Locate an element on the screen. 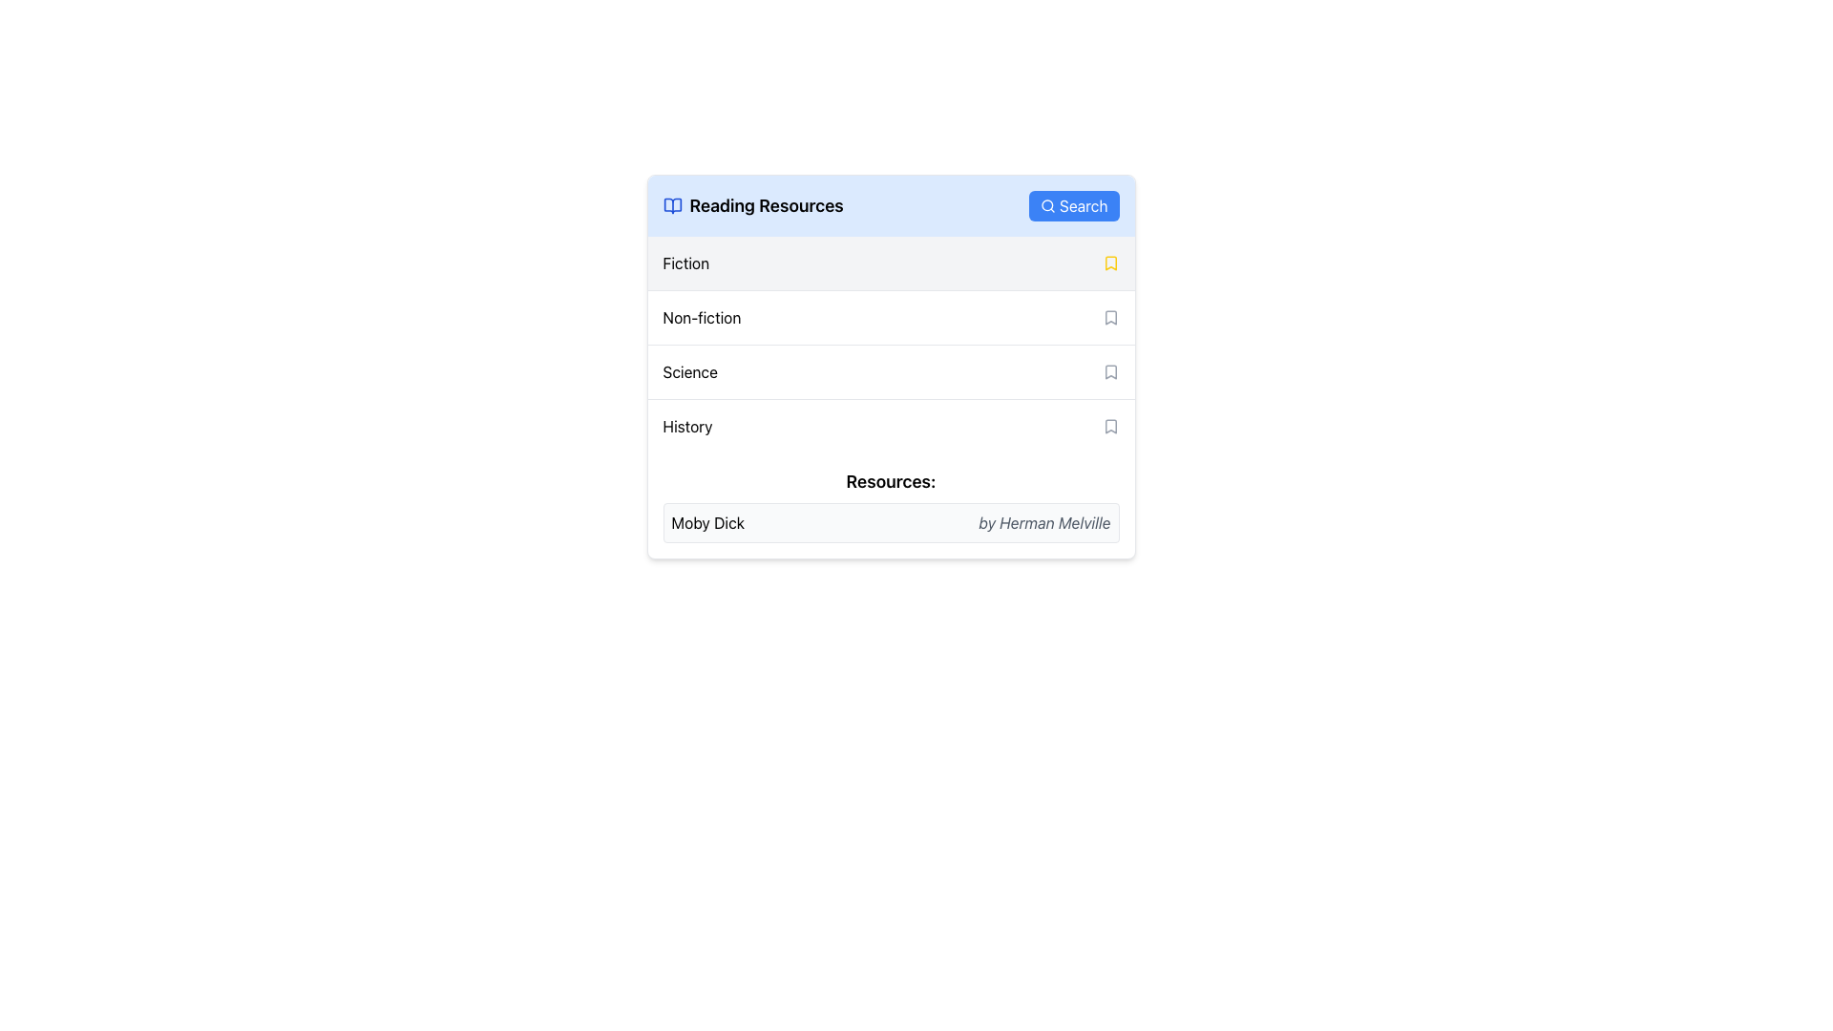  the 'Reading Resources' text label, which is styled with a large, bold font and located in the upper-left portion of a blue header section, adjacent to an open book icon and left of a blue 'Search' button is located at coordinates (752, 206).